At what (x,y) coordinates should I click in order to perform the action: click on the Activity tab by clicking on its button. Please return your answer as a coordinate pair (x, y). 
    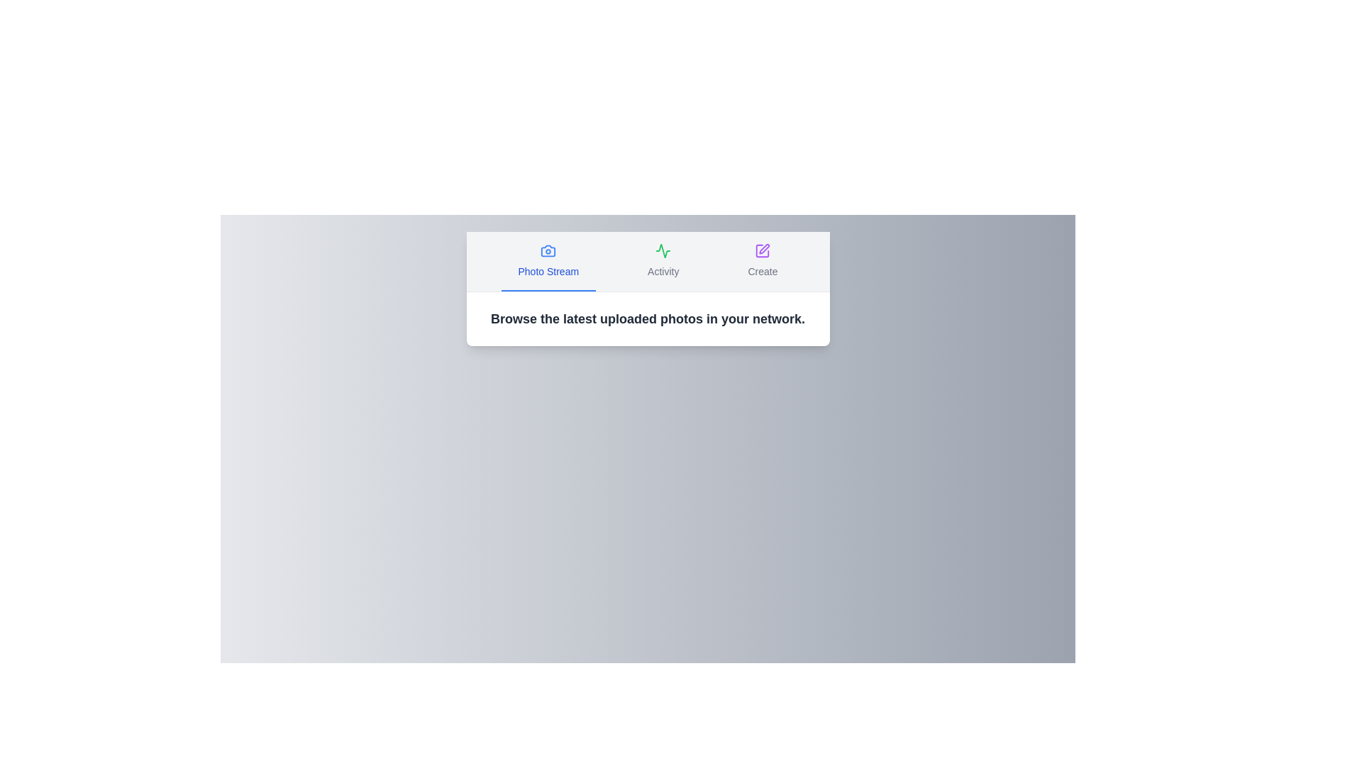
    Looking at the image, I should click on (663, 262).